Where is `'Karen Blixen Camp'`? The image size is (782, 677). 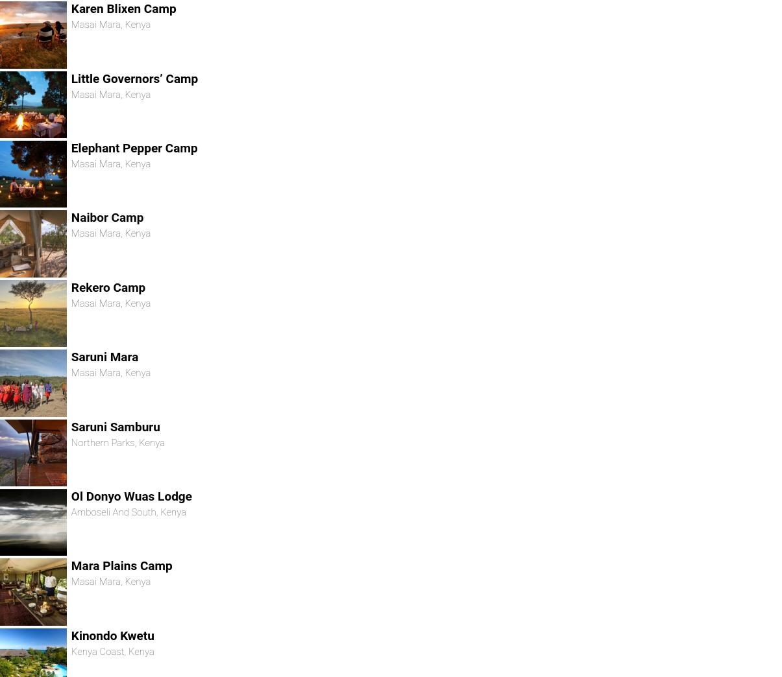 'Karen Blixen Camp' is located at coordinates (123, 8).